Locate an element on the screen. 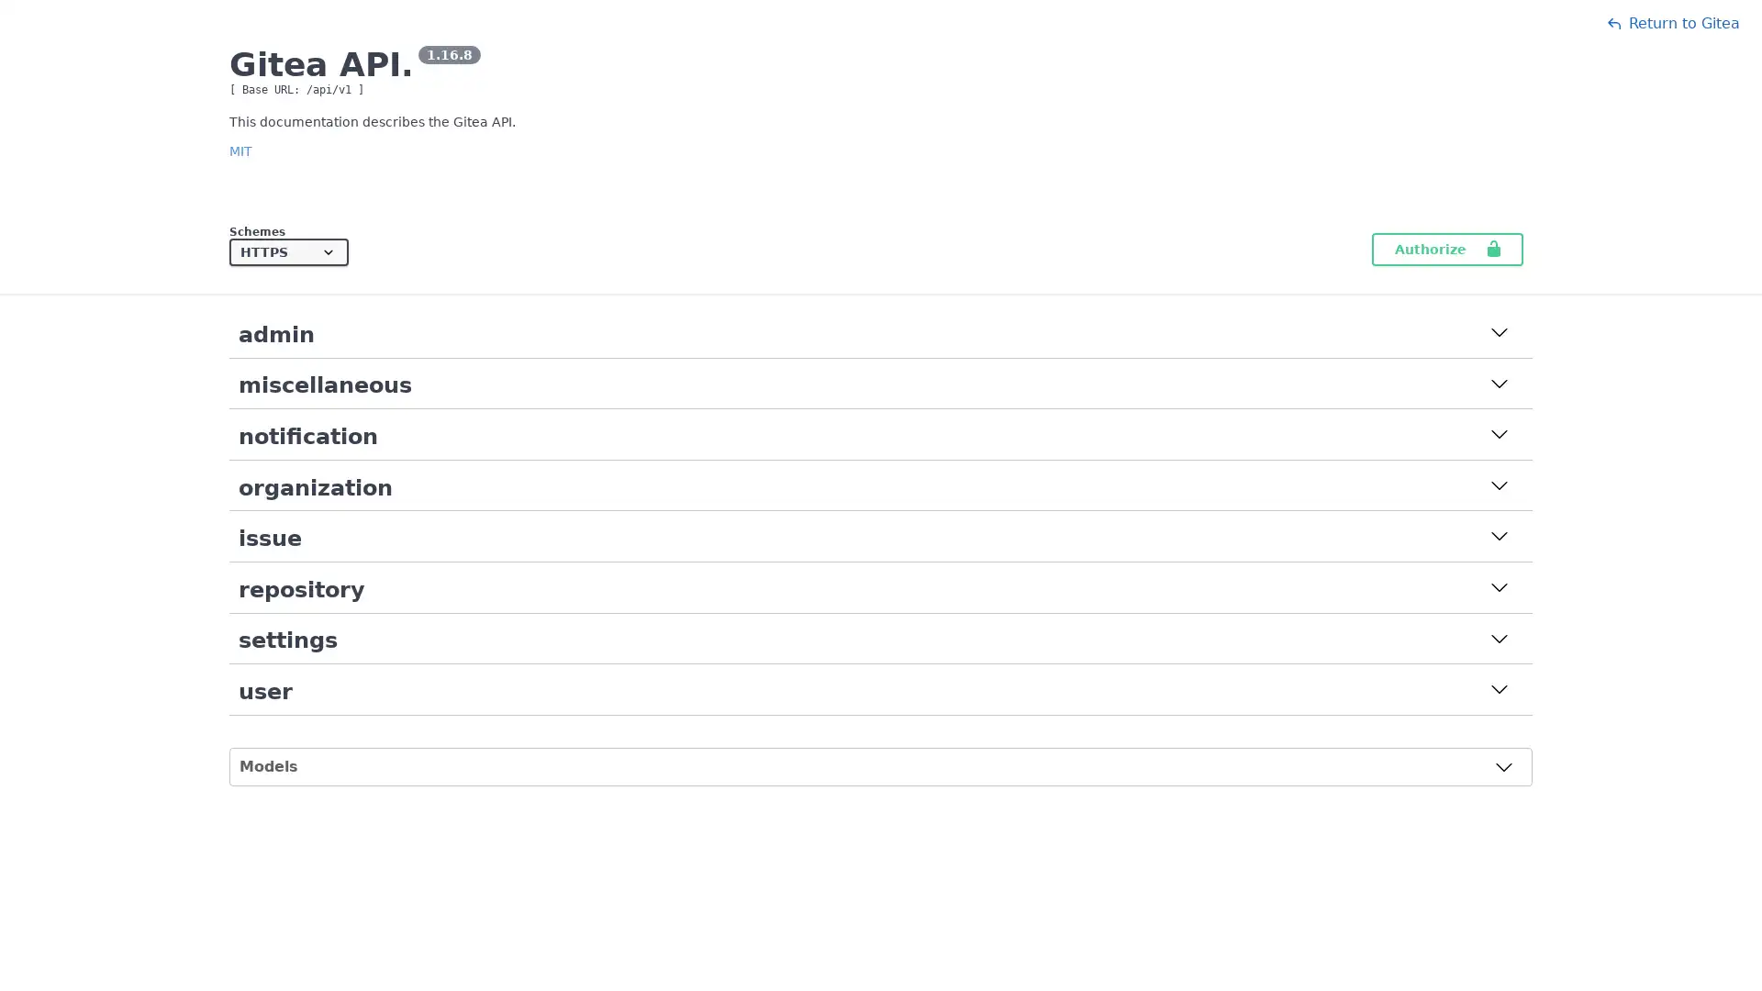 This screenshot has height=991, width=1762. Expand operation is located at coordinates (1499, 640).